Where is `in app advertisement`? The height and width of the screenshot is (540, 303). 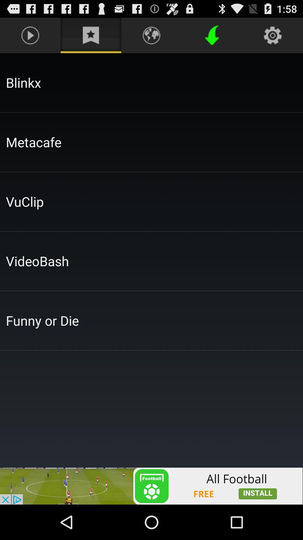 in app advertisement is located at coordinates (151, 486).